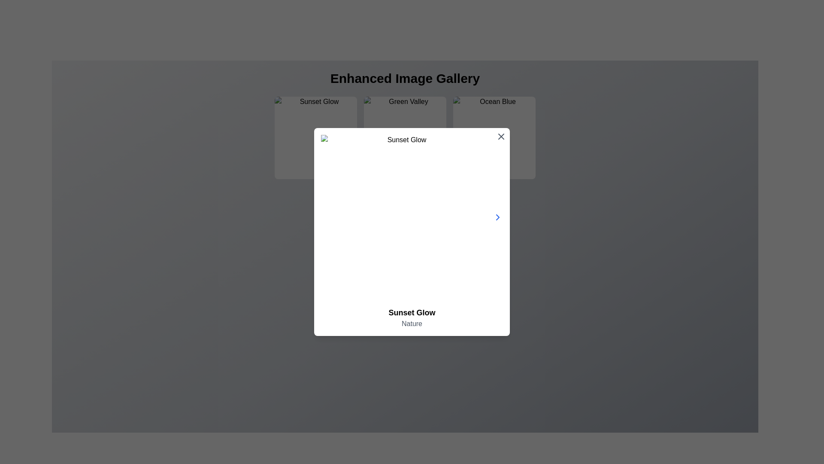  Describe the element at coordinates (412, 324) in the screenshot. I see `the text label displaying the word 'Nature', which is centrally positioned in the lower part of the modal dialog beneath 'Sunset Glow'` at that location.